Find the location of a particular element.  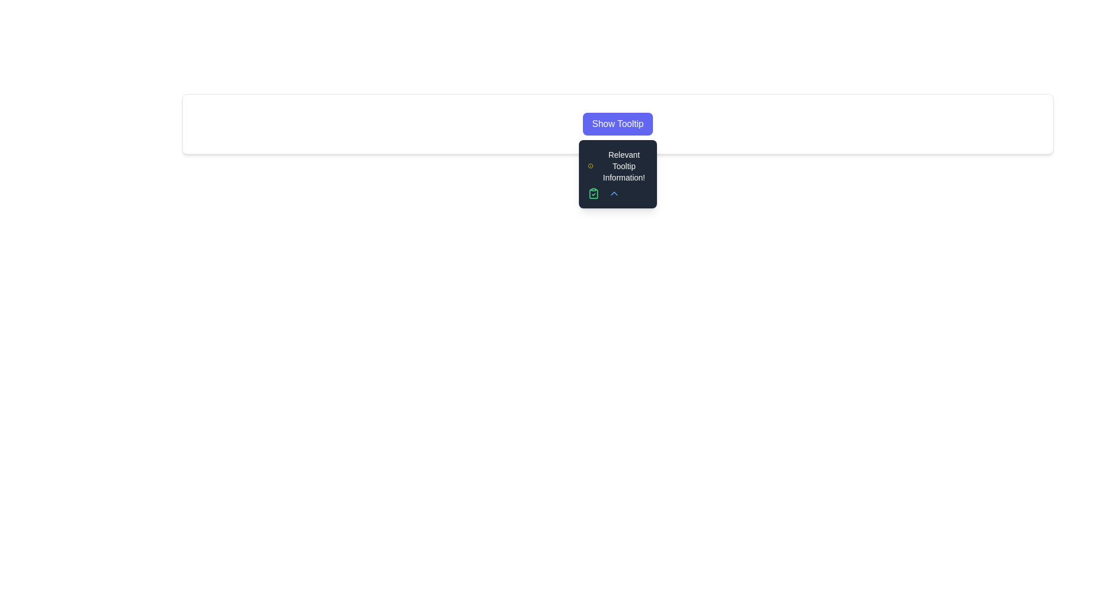

the tooltip containing 'Relevant Tooltip Information!' is located at coordinates (617, 174).